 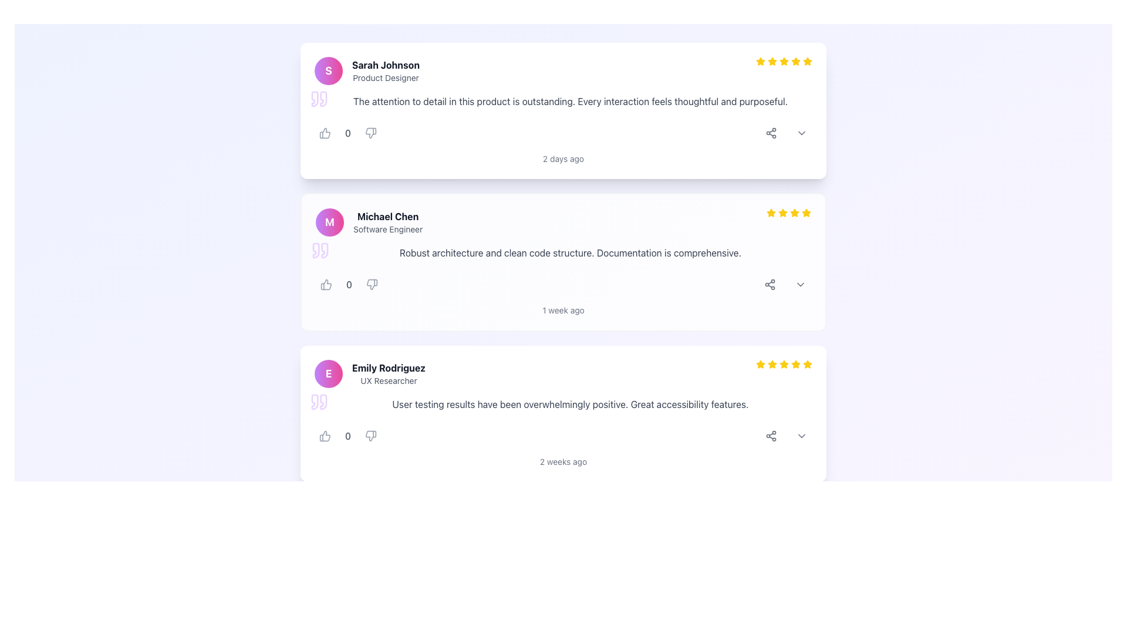 I want to click on the like button located in the second comment card's interaction section, which is the first button in a horizontal group of icons associated with the comment, so click(x=326, y=285).